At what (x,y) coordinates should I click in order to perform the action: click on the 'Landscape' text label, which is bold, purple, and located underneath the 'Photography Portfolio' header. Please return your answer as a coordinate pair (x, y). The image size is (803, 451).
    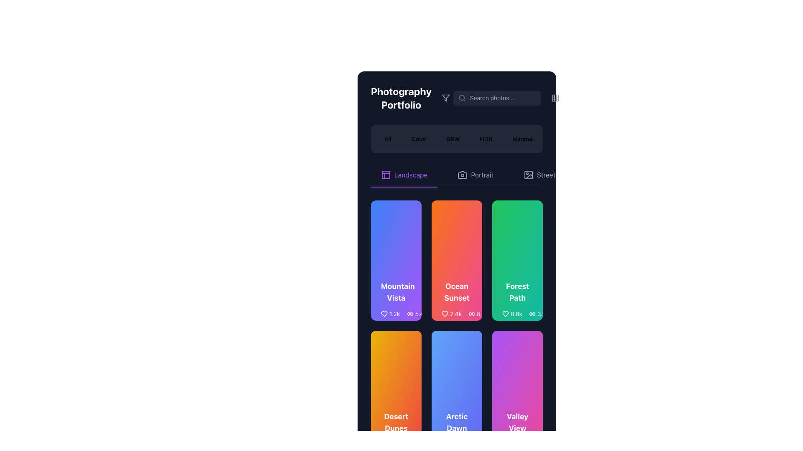
    Looking at the image, I should click on (411, 175).